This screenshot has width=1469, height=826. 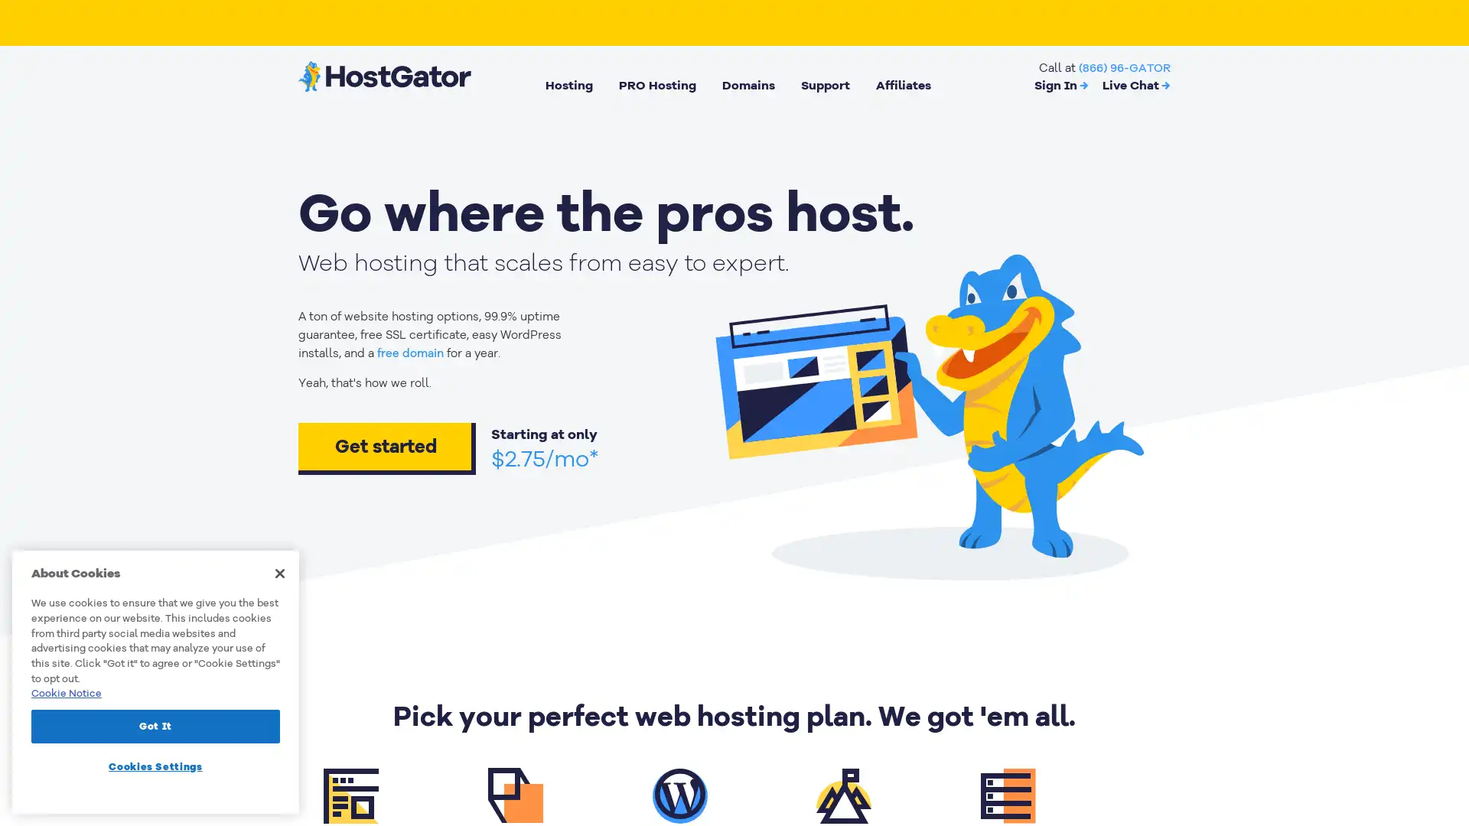 I want to click on Cookies Settings, so click(x=155, y=766).